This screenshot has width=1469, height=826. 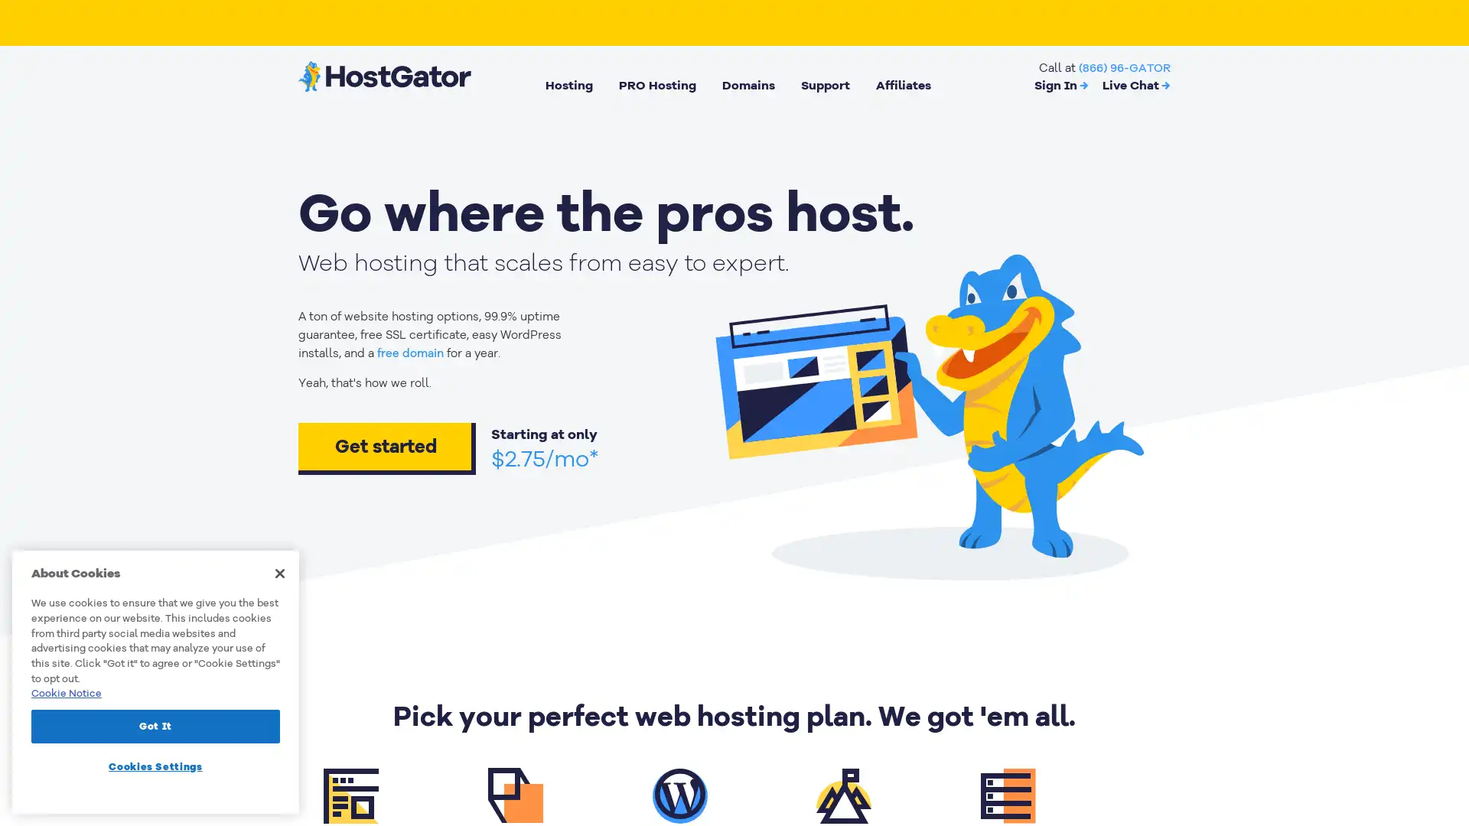 I want to click on Cookies Settings, so click(x=155, y=766).